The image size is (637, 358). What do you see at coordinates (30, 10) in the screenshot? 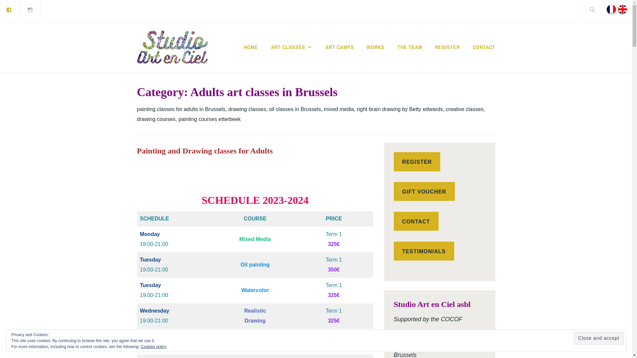
I see `'Instagram'` at bounding box center [30, 10].